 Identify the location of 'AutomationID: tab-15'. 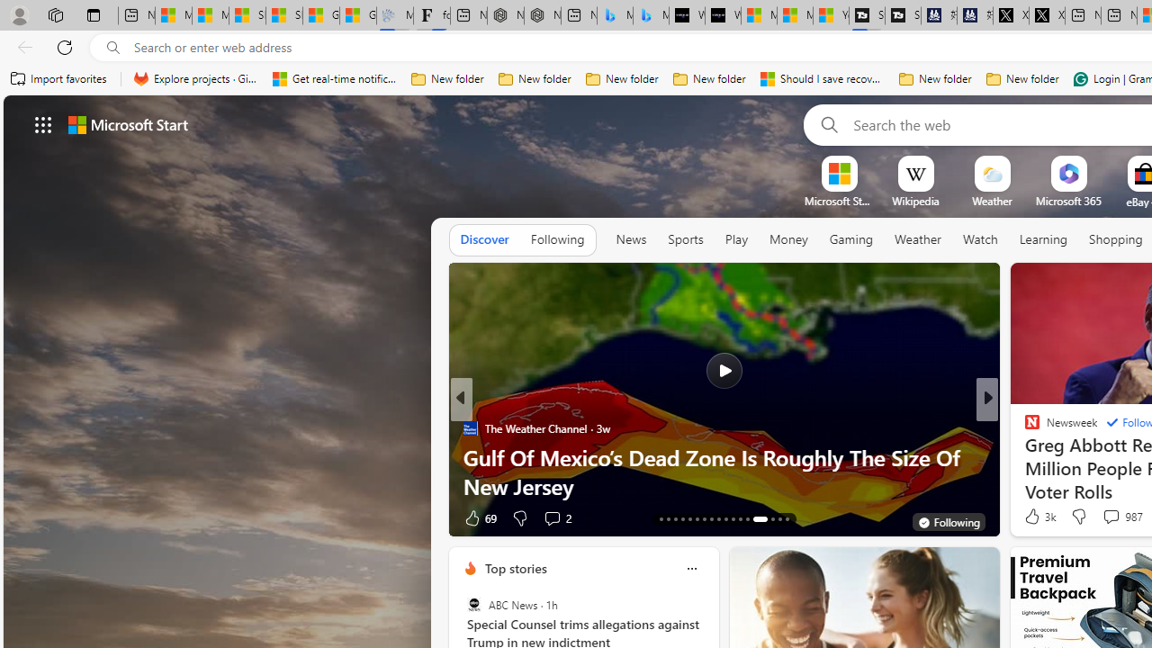
(674, 519).